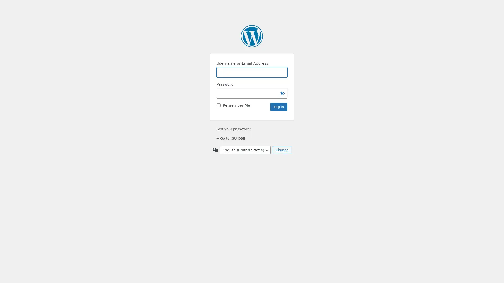 The image size is (504, 283). What do you see at coordinates (281, 150) in the screenshot?
I see `Change` at bounding box center [281, 150].